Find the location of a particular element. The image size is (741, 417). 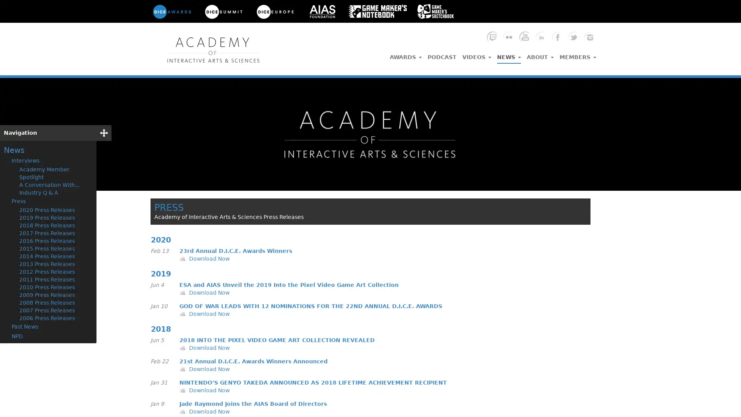

NEWS is located at coordinates (509, 55).